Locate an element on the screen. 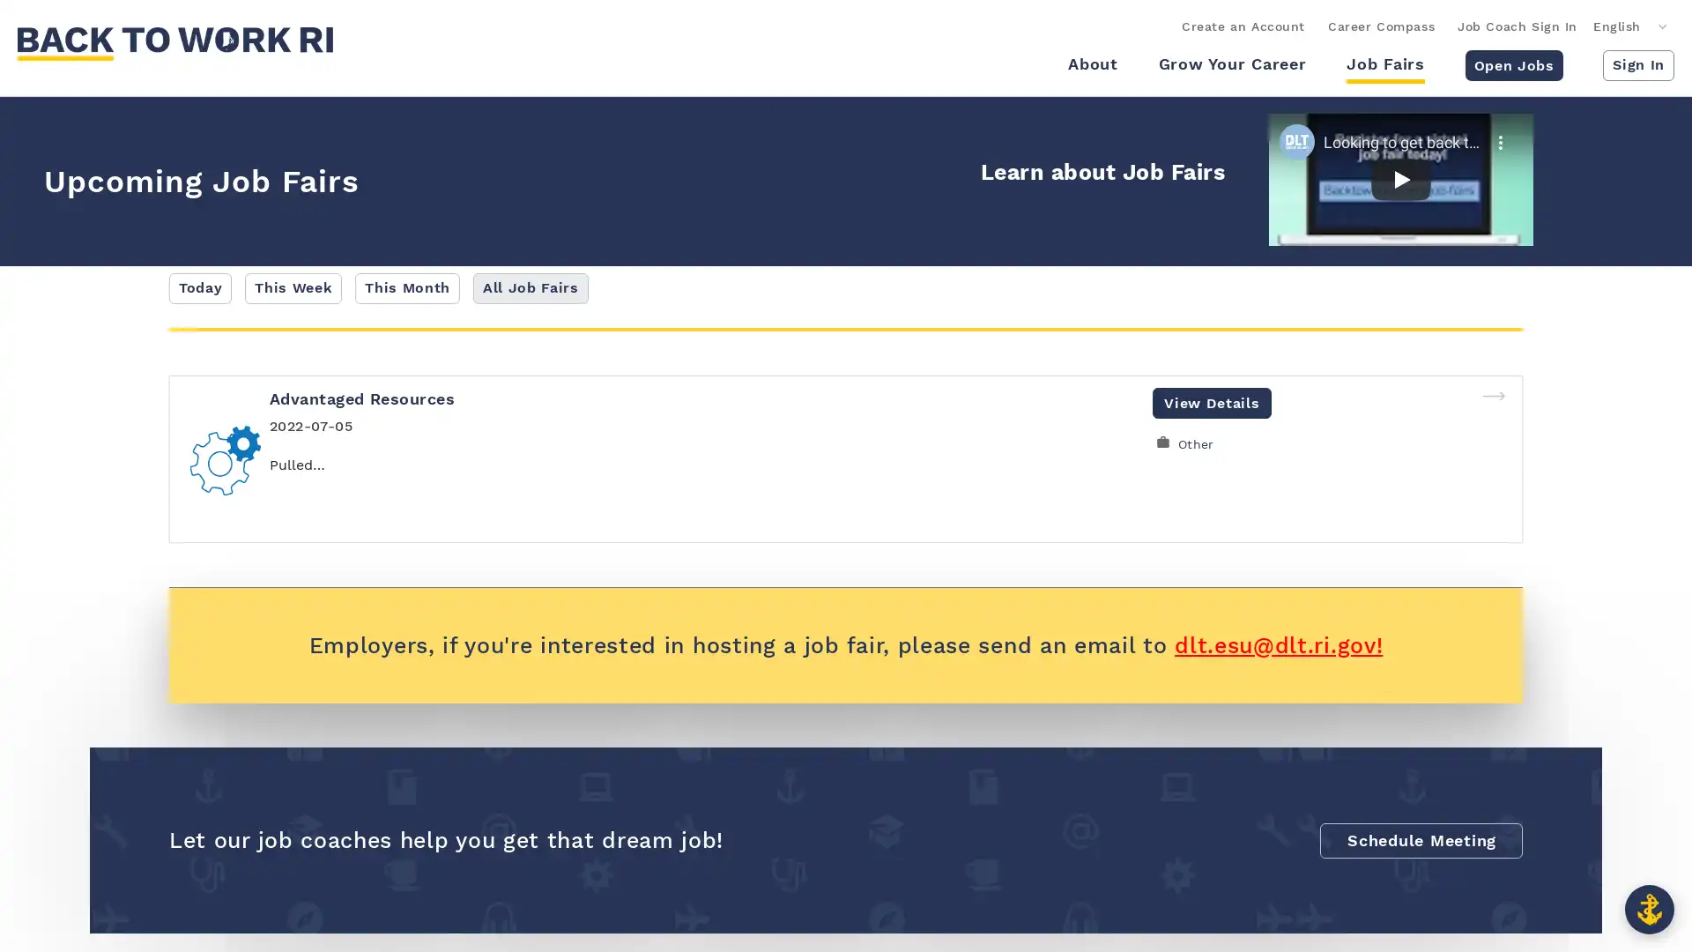  All Job Fairs is located at coordinates (529, 287).